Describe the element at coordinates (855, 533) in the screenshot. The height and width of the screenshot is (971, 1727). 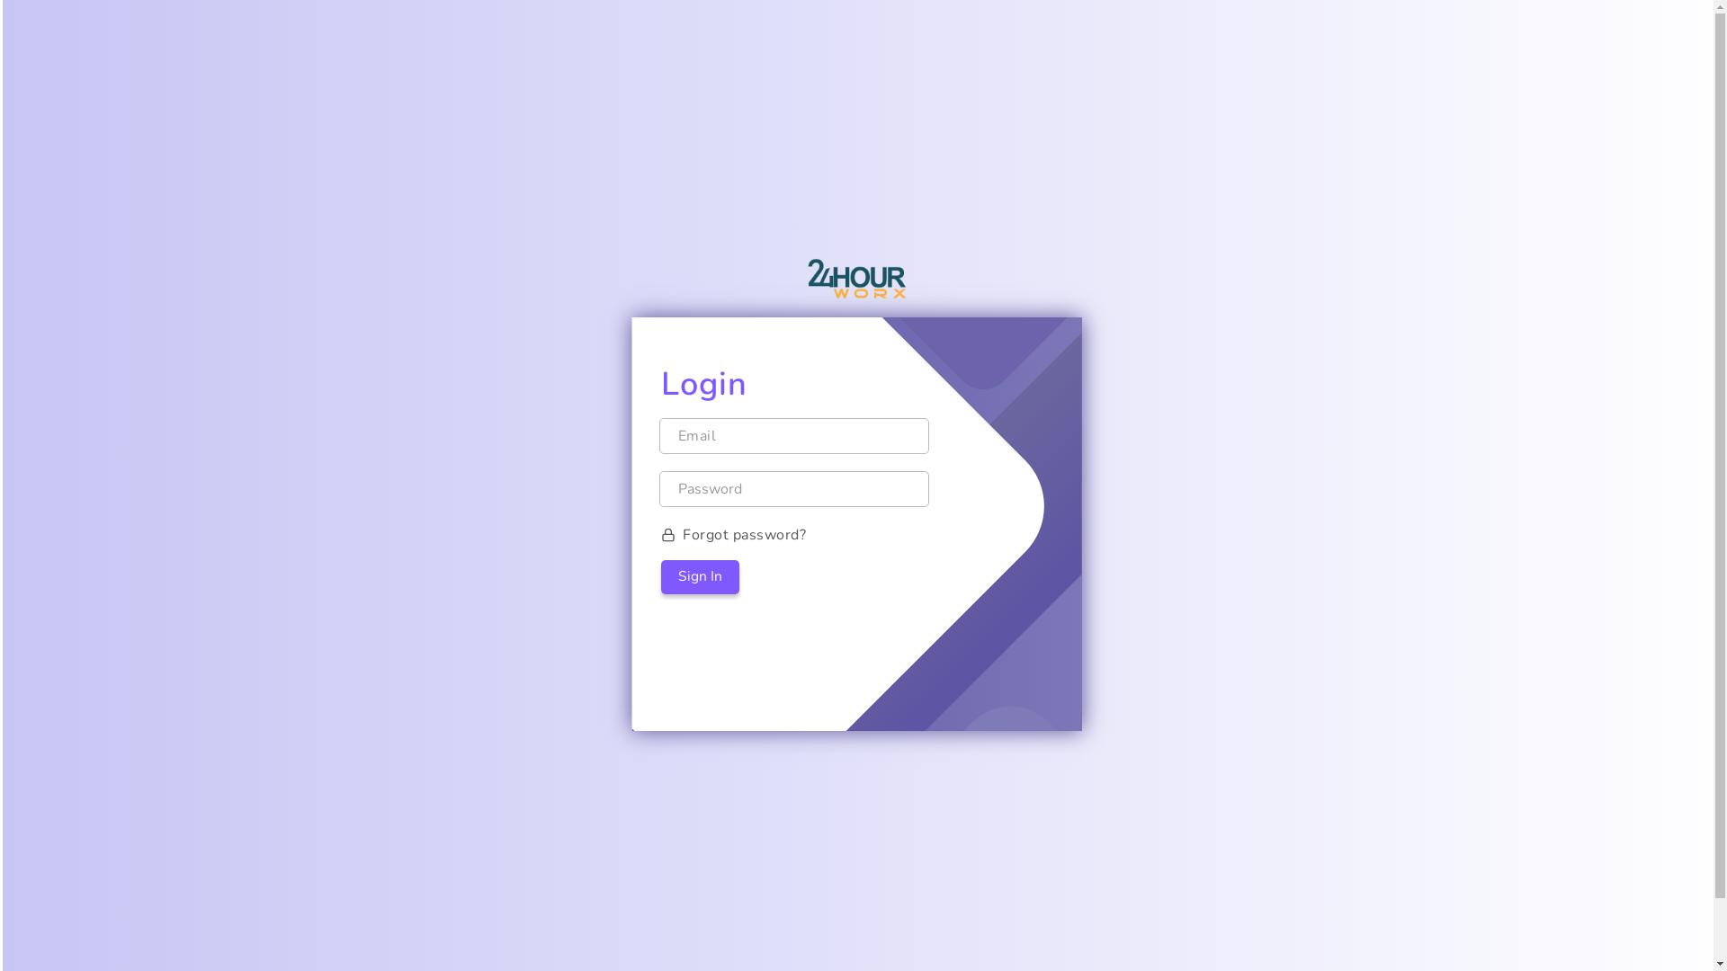
I see `'Forgot password?'` at that location.